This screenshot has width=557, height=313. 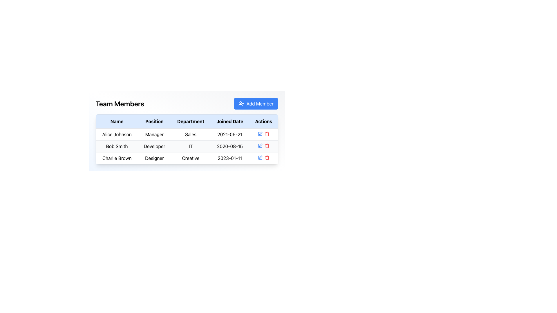 What do you see at coordinates (229, 158) in the screenshot?
I see `the static text displaying '2023-01-11' in the 'Joined Date' column of the table row for 'Charlie Brown'` at bounding box center [229, 158].